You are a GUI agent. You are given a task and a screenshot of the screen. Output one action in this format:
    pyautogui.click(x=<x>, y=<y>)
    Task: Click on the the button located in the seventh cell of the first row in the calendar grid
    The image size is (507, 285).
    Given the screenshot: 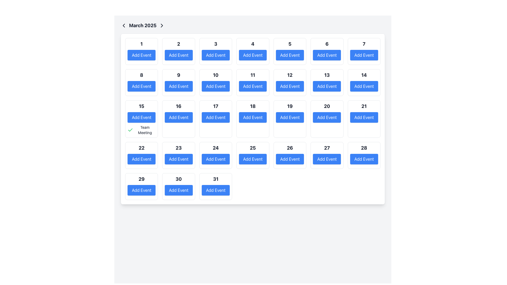 What is the action you would take?
    pyautogui.click(x=364, y=51)
    